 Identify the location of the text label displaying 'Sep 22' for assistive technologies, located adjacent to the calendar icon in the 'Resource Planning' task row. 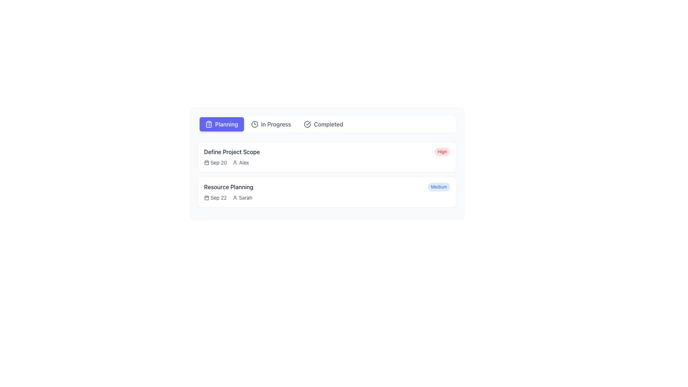
(218, 197).